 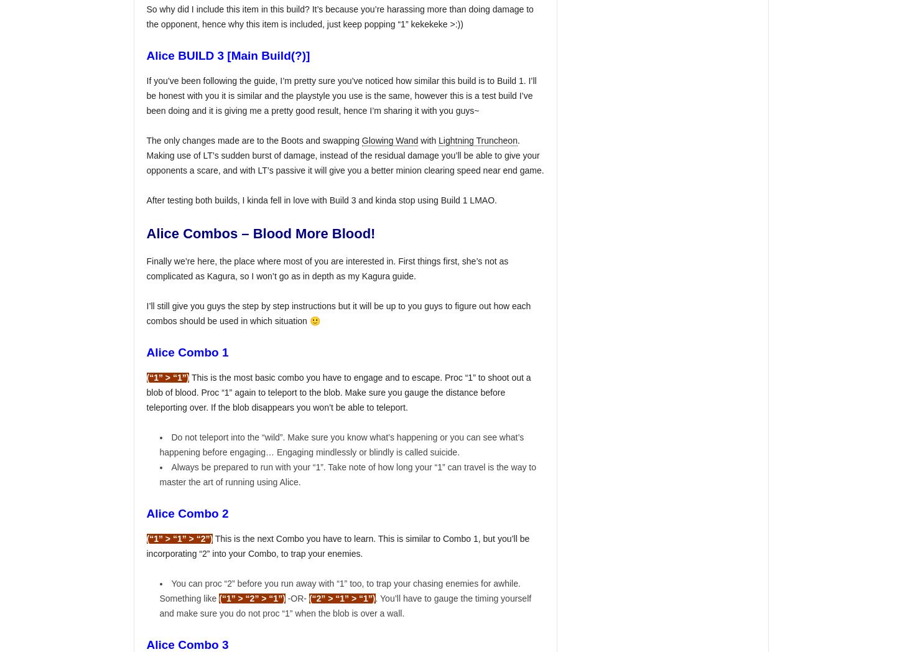 What do you see at coordinates (321, 200) in the screenshot?
I see `'After testing both builds, I kinda fell in love with Build 3 and kinda stop using Build 1 LMAO.'` at bounding box center [321, 200].